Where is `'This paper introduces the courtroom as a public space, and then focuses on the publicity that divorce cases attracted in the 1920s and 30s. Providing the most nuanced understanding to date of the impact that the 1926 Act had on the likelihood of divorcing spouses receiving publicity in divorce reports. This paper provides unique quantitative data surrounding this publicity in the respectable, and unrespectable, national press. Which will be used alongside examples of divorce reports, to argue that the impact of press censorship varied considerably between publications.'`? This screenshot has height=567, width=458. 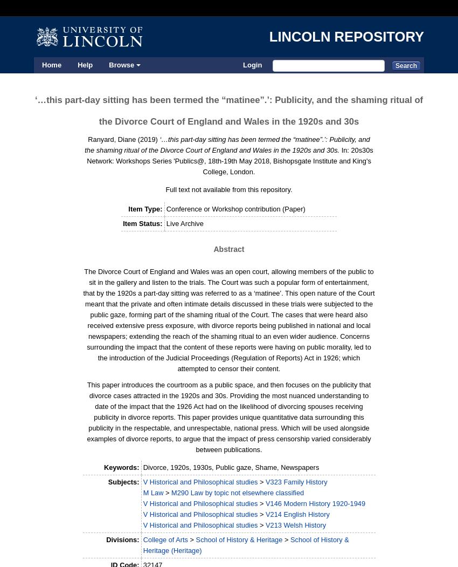 'This paper introduces the courtroom as a public space, and then focuses on the publicity that divorce cases attracted in the 1920s and 30s. Providing the most nuanced understanding to date of the impact that the 1926 Act had on the likelihood of divorcing spouses receiving publicity in divorce reports. This paper provides unique quantitative data surrounding this publicity in the respectable, and unrespectable, national press. Which will be used alongside examples of divorce reports, to argue that the impact of press censorship varied considerably between publications.' is located at coordinates (86, 416).